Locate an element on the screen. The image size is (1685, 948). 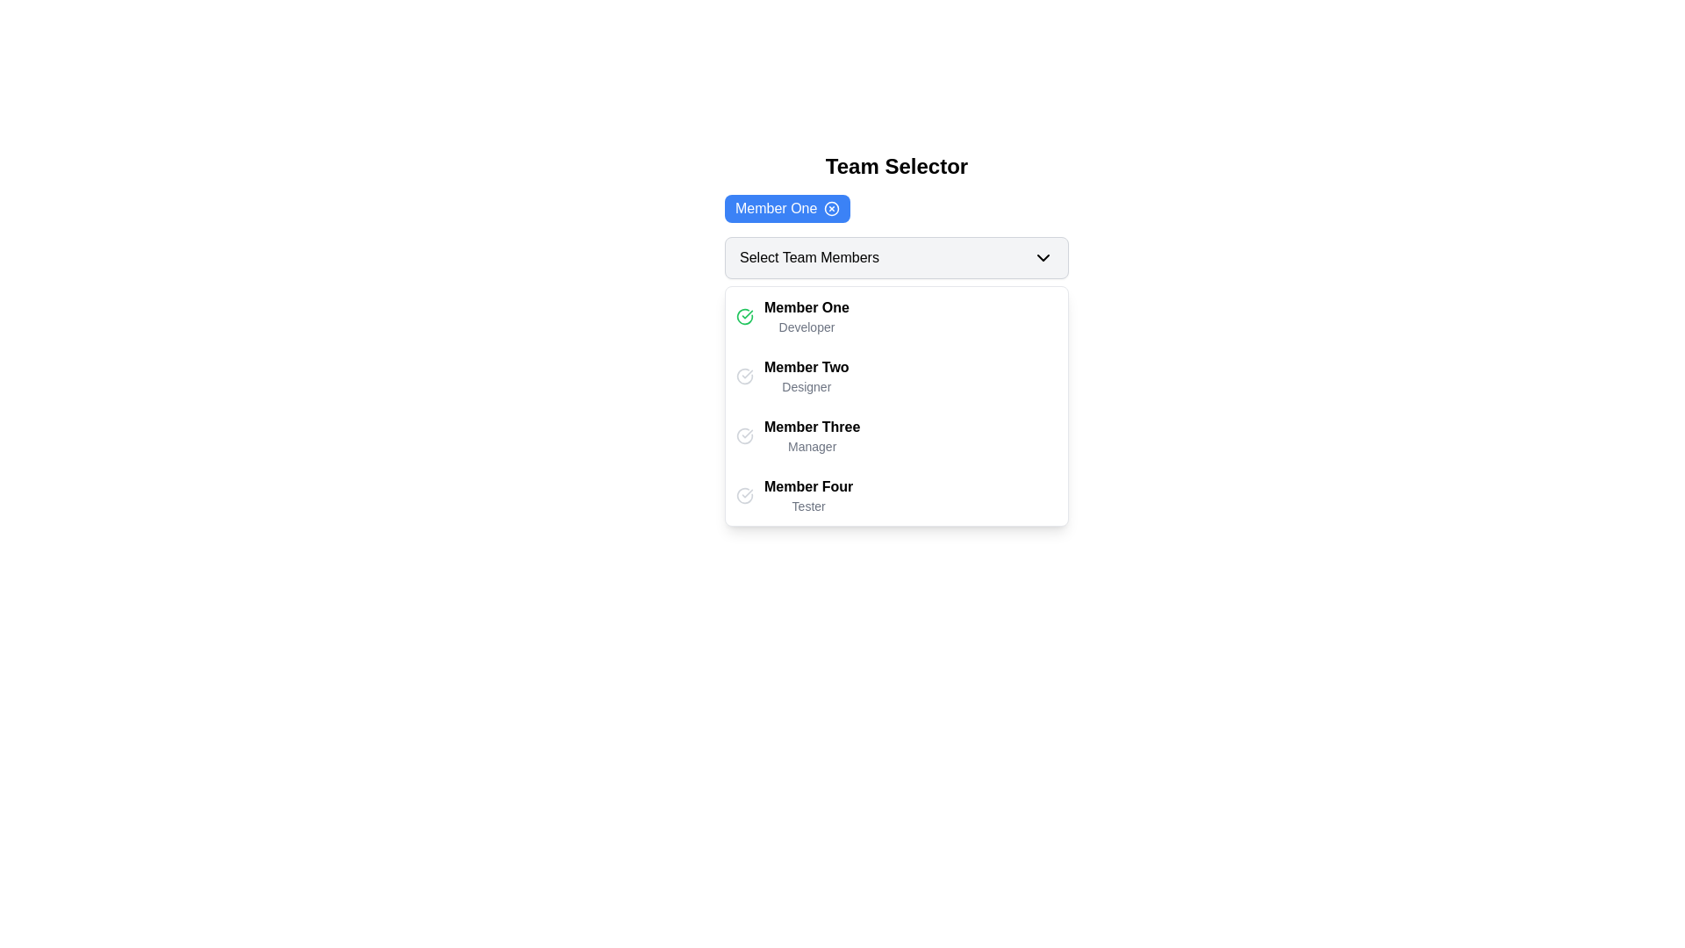
the text label entry for 'Member Four' in the dropdown menu is located at coordinates (807, 495).